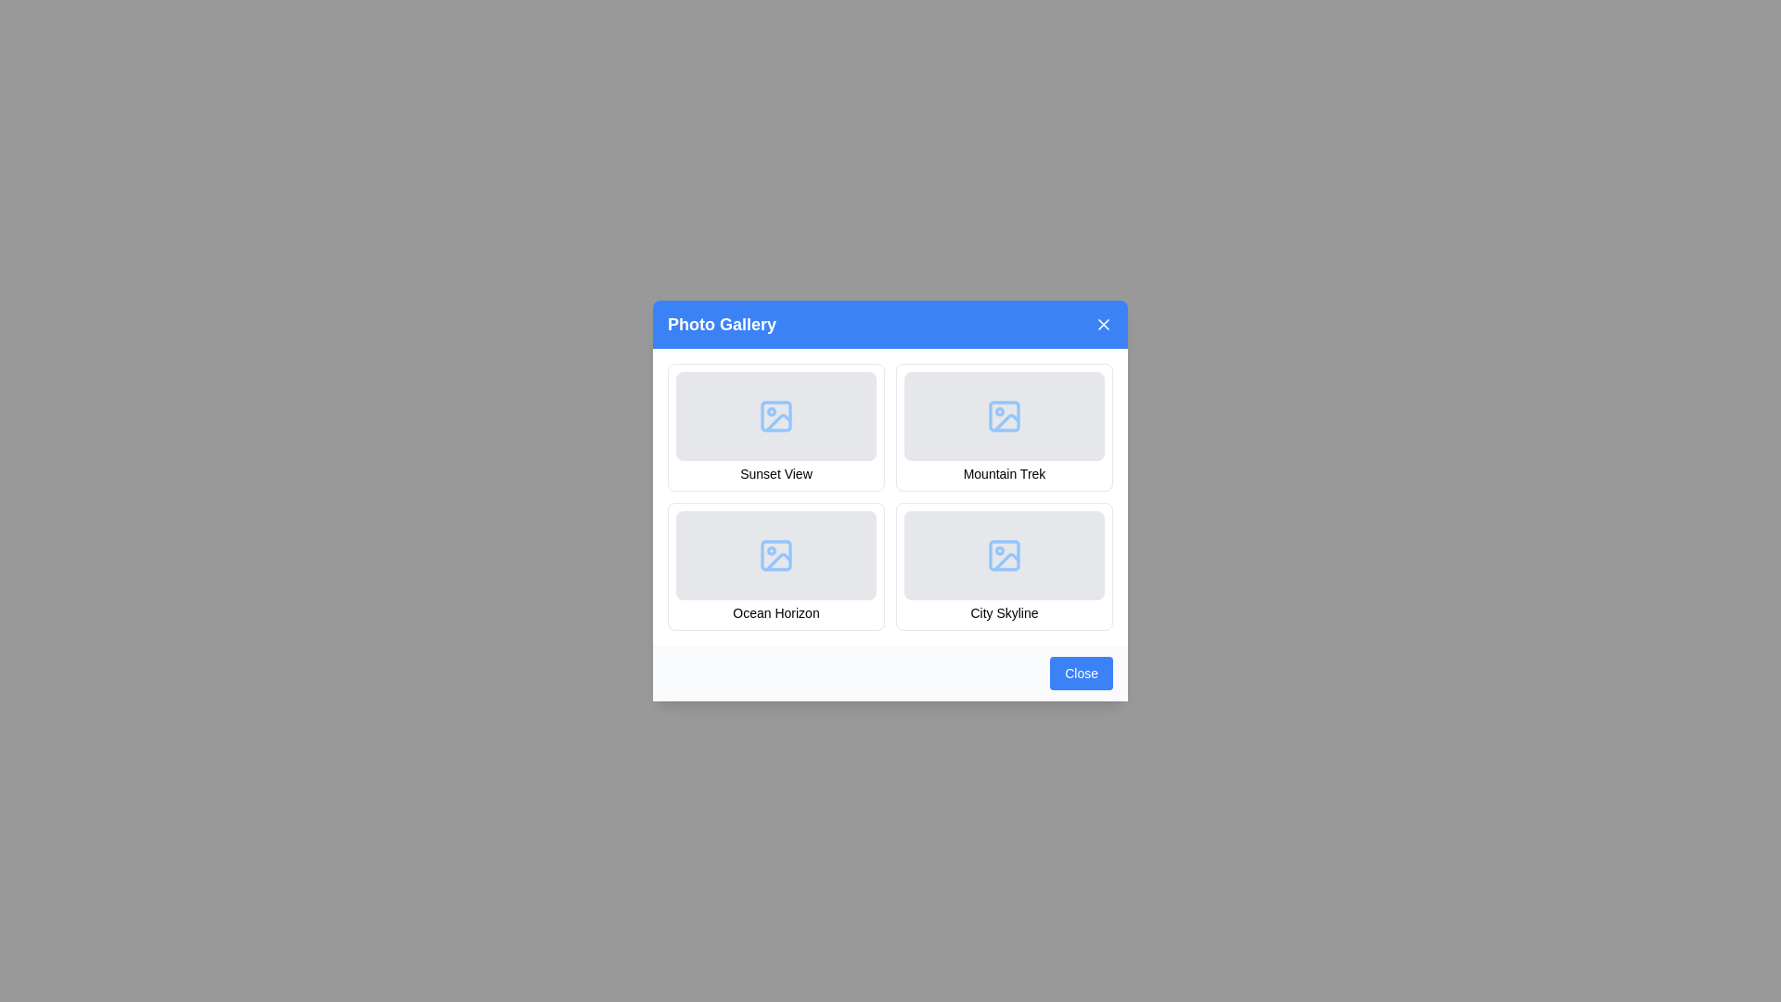 This screenshot has height=1002, width=1781. I want to click on the Decorative graphic of the 'Ocean Horizon' image placeholder located in the second row of the four-image grid in the 'Photo Gallery' modal window, so click(775, 554).